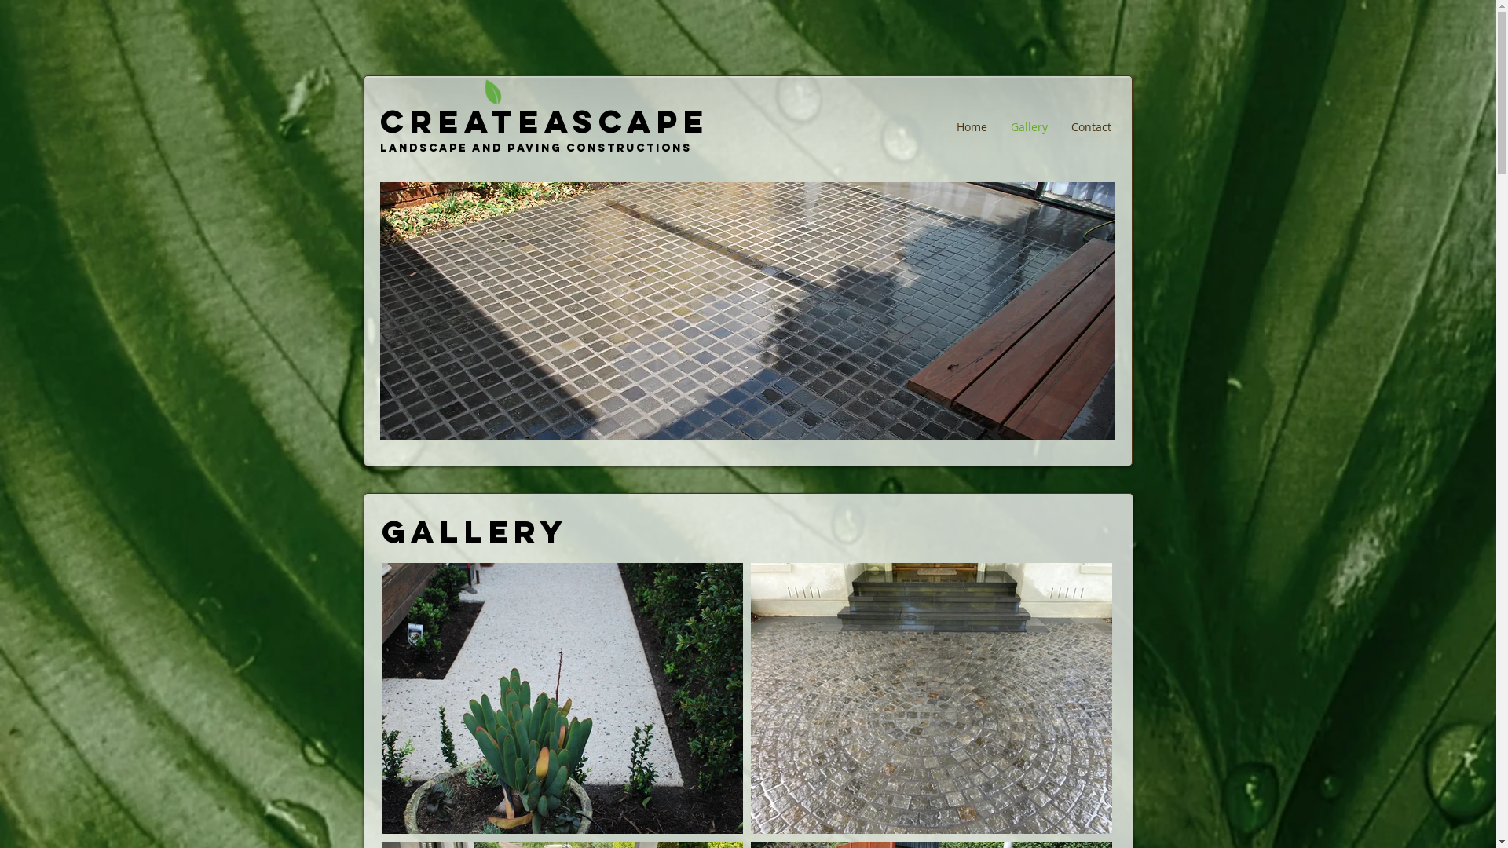 The image size is (1508, 848). Describe the element at coordinates (1029, 126) in the screenshot. I see `'Gallery'` at that location.